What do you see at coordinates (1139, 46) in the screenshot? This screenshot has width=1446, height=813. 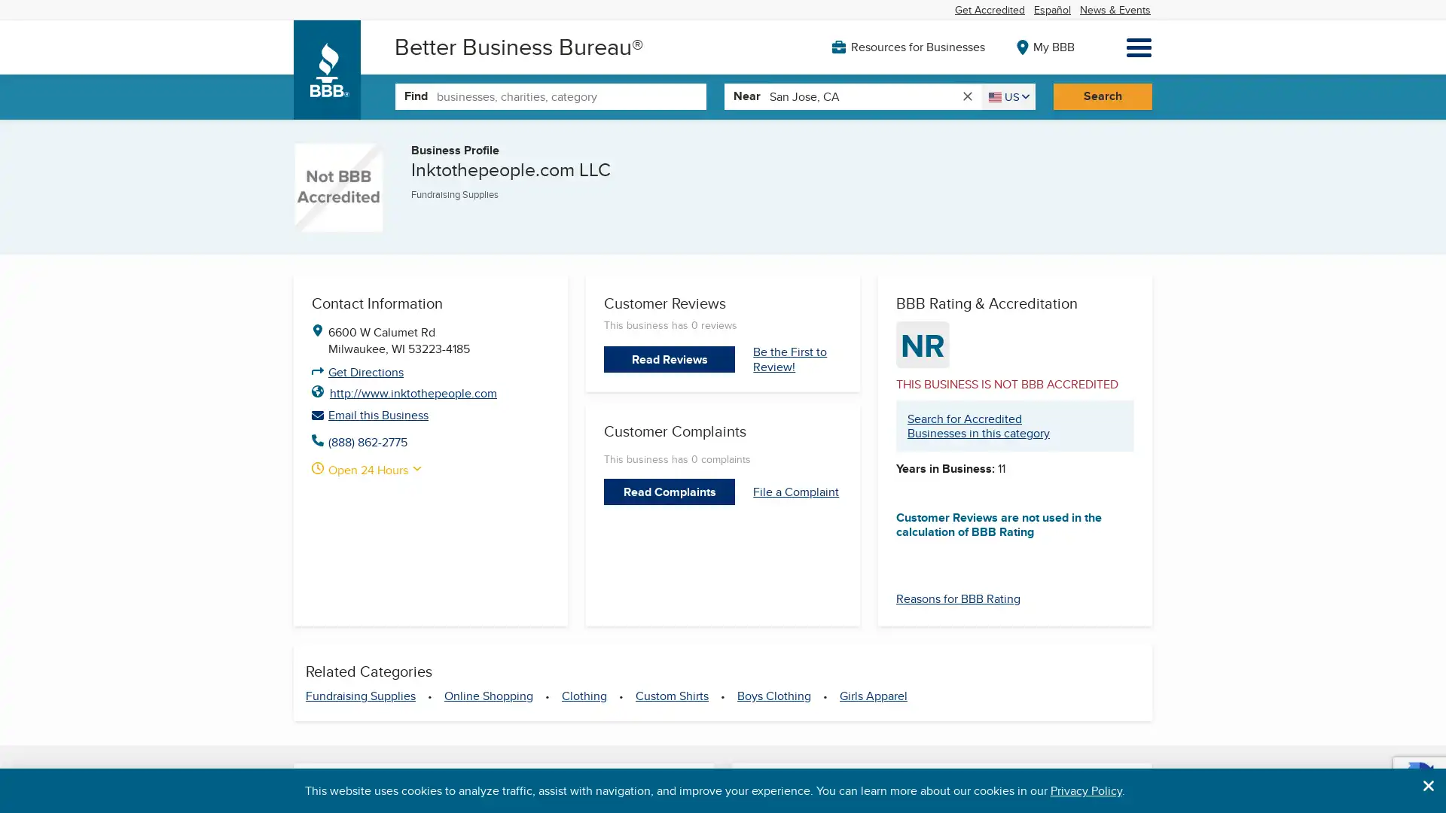 I see `Menu` at bounding box center [1139, 46].